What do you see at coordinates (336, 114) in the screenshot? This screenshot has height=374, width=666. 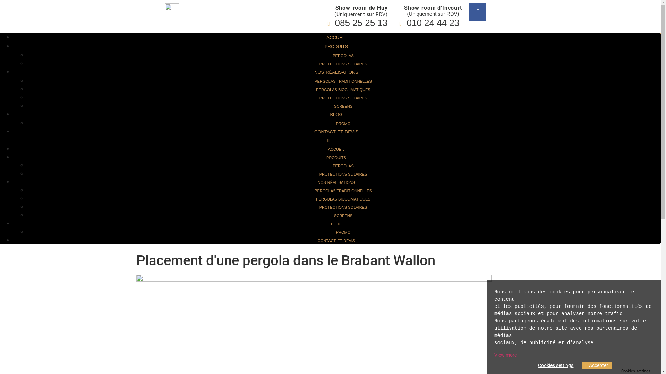 I see `'BLOG'` at bounding box center [336, 114].